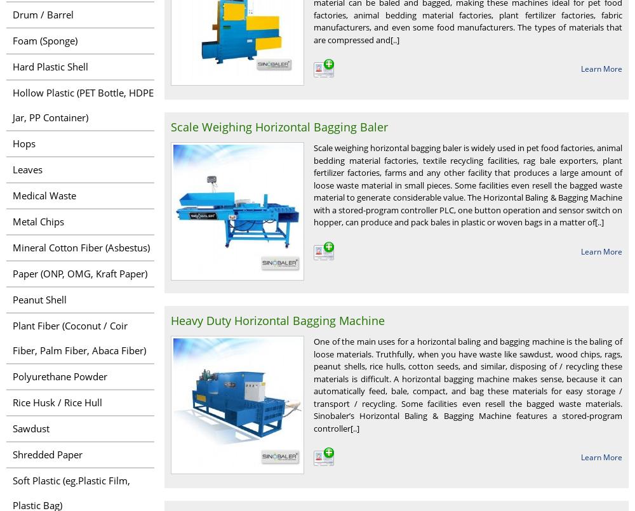 The height and width of the screenshot is (511, 635). Describe the element at coordinates (31, 427) in the screenshot. I see `'Sawdust'` at that location.